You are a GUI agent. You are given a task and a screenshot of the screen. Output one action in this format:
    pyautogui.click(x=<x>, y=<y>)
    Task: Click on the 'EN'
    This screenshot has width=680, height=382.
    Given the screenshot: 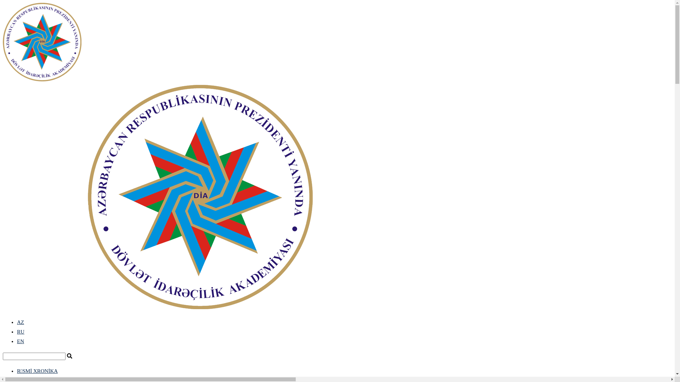 What is the action you would take?
    pyautogui.click(x=20, y=341)
    